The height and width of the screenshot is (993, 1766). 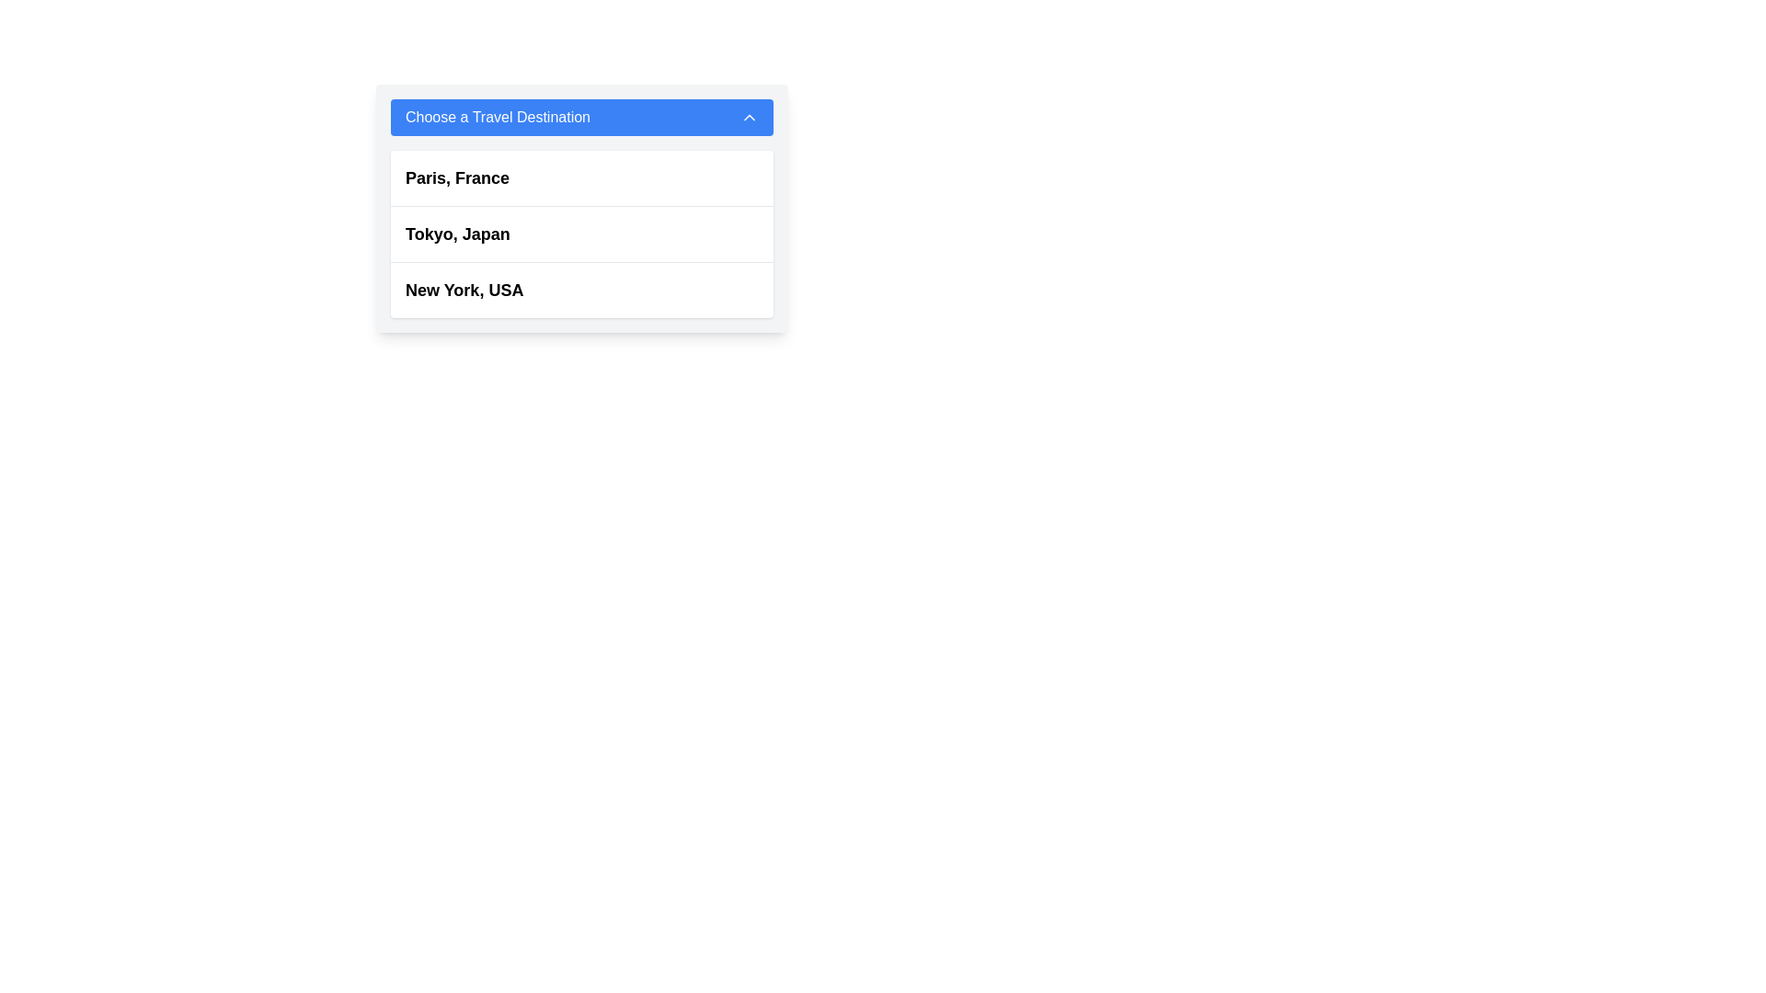 I want to click on the label indicating the purpose of the dropdown menu for choosing a travel destination, positioned at the left side of a button-like component in a blue background bar, so click(x=498, y=117).